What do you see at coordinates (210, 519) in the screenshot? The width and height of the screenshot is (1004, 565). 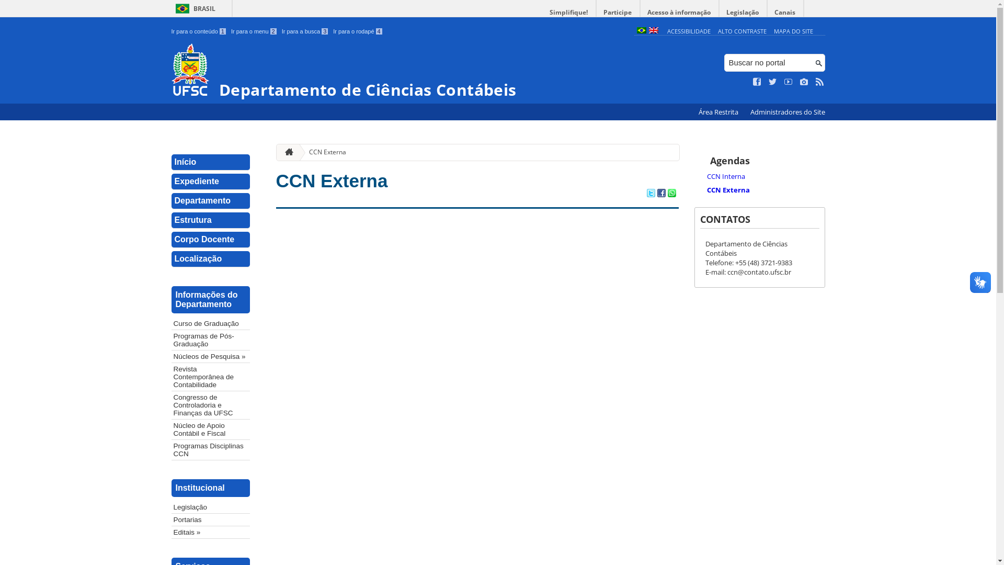 I see `'Portarias'` at bounding box center [210, 519].